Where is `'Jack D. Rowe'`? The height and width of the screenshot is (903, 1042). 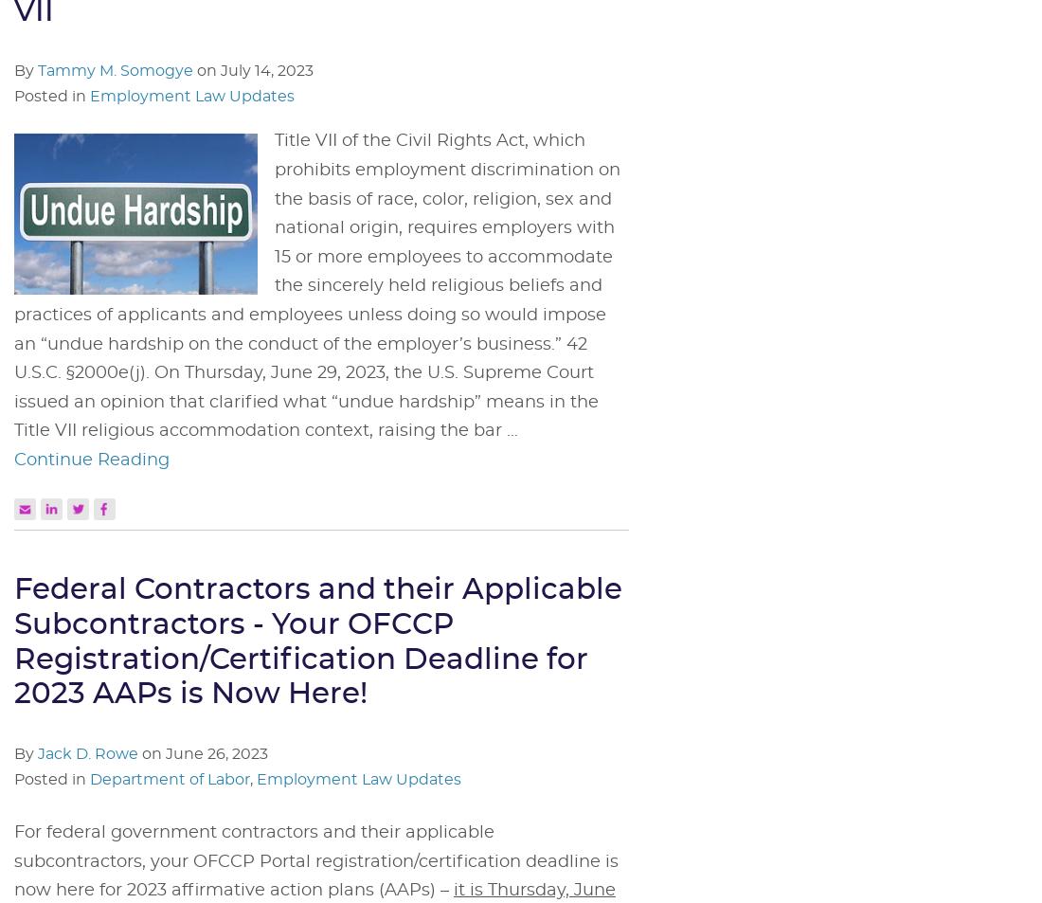
'Jack D. Rowe' is located at coordinates (87, 752).